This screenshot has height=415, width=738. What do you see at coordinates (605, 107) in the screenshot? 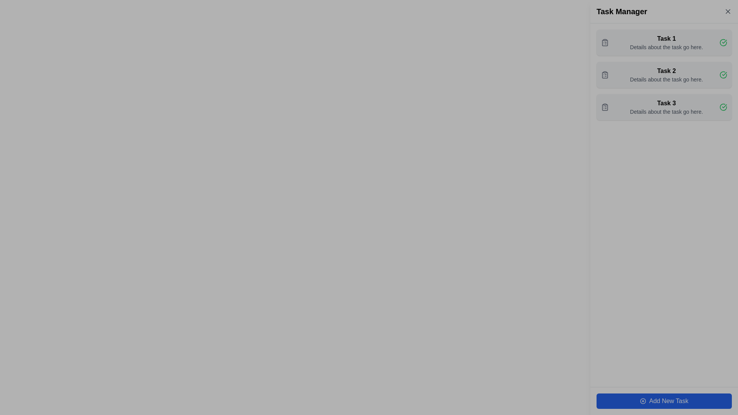
I see `the clipboard icon located in the third task block titled 'Task 3', positioned at the leftmost side beside the task title` at bounding box center [605, 107].